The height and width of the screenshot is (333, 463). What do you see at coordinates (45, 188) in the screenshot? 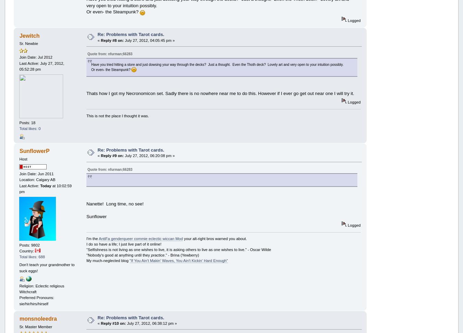
I see `'at 10:02:59 pm'` at bounding box center [45, 188].